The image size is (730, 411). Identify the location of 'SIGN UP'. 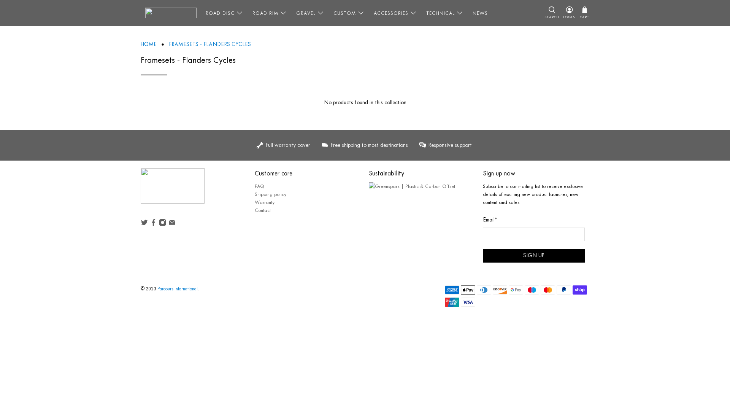
(533, 255).